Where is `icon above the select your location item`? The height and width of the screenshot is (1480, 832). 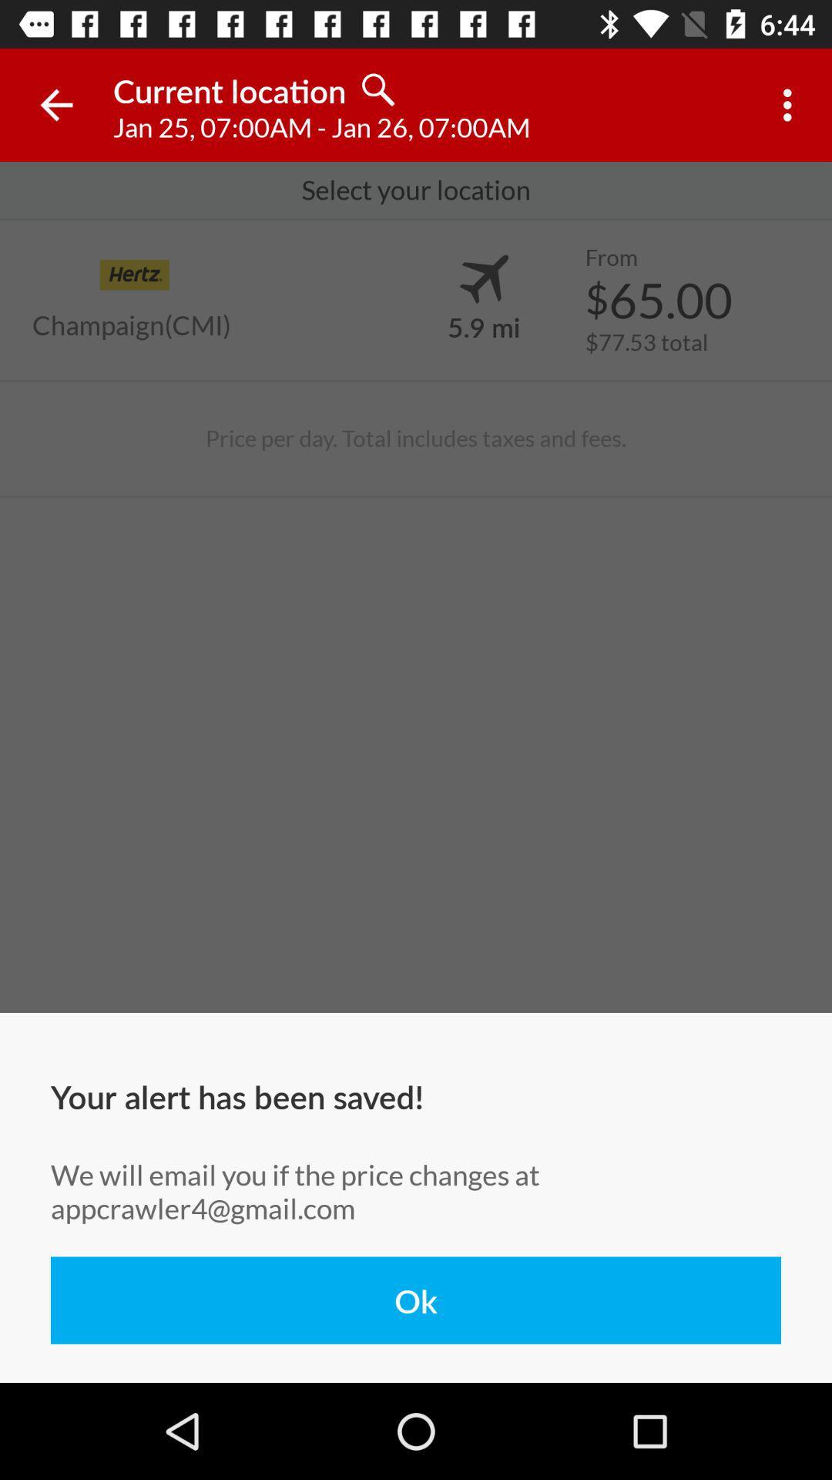
icon above the select your location item is located at coordinates (791, 104).